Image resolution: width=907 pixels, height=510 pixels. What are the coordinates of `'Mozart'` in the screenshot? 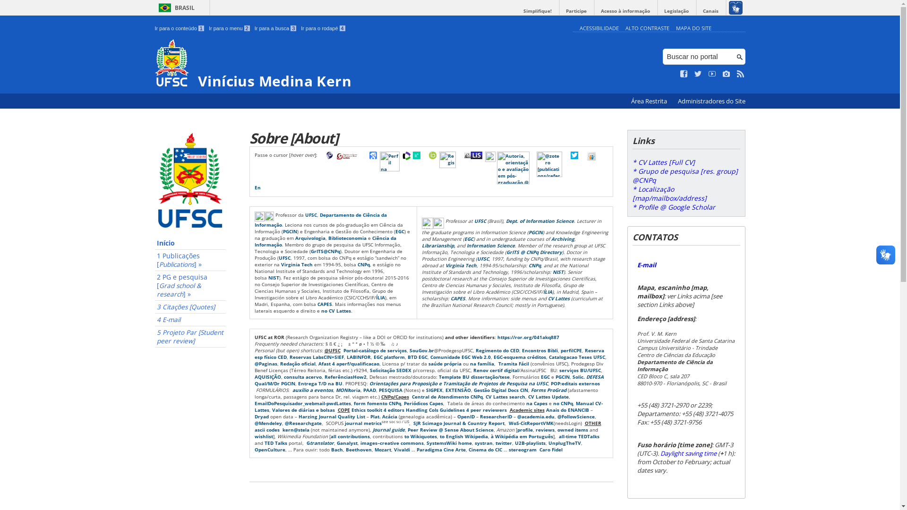 It's located at (382, 449).